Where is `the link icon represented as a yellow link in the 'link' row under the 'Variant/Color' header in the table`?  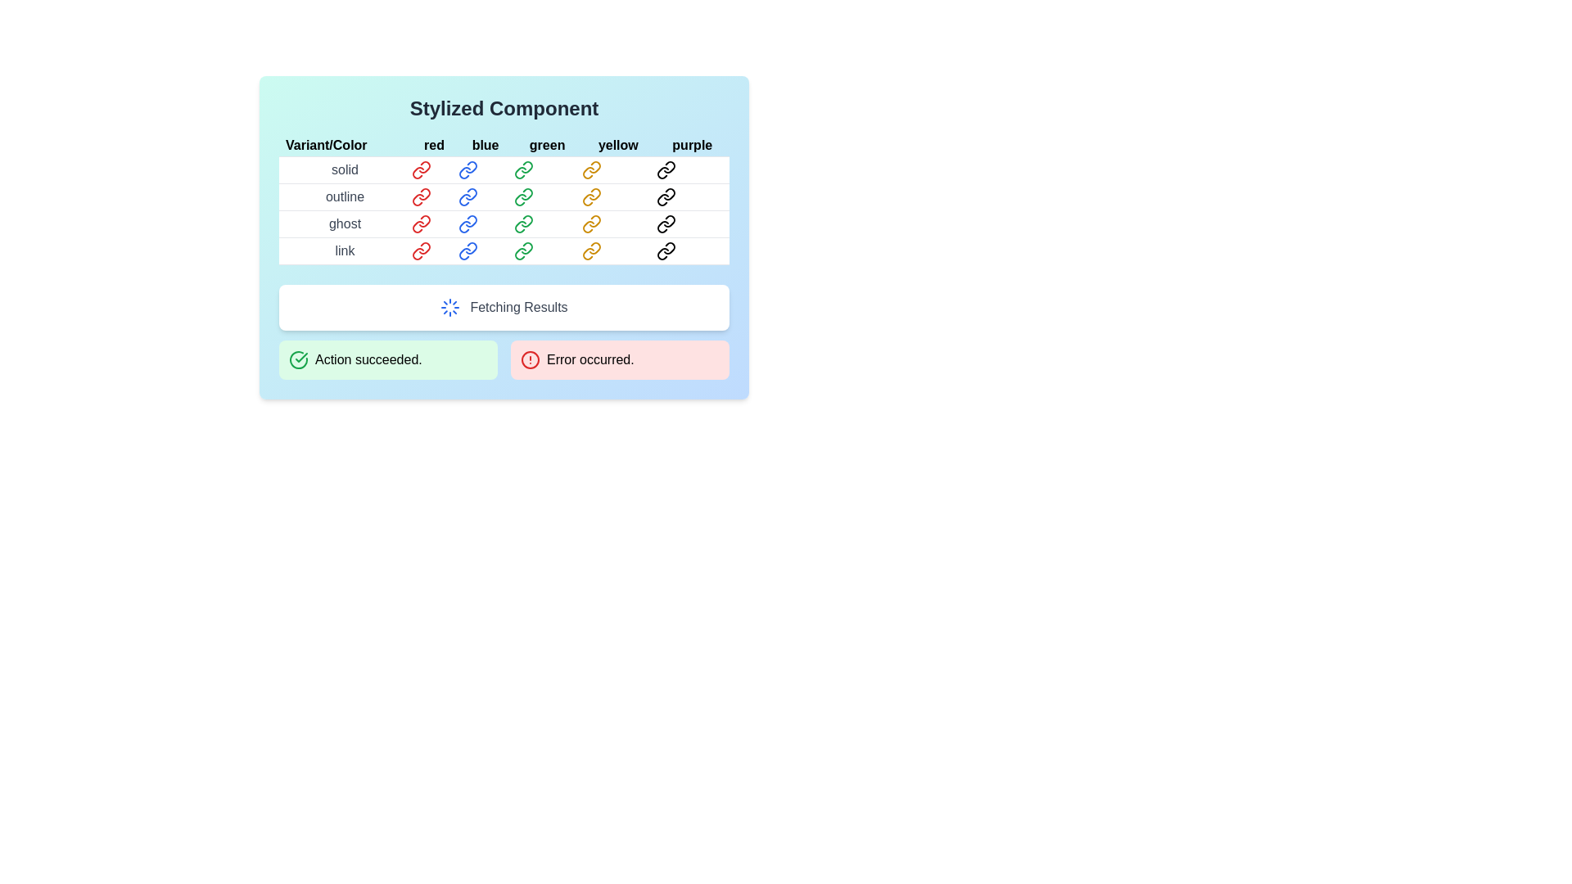
the link icon represented as a yellow link in the 'link' row under the 'Variant/Color' header in the table is located at coordinates (594, 248).